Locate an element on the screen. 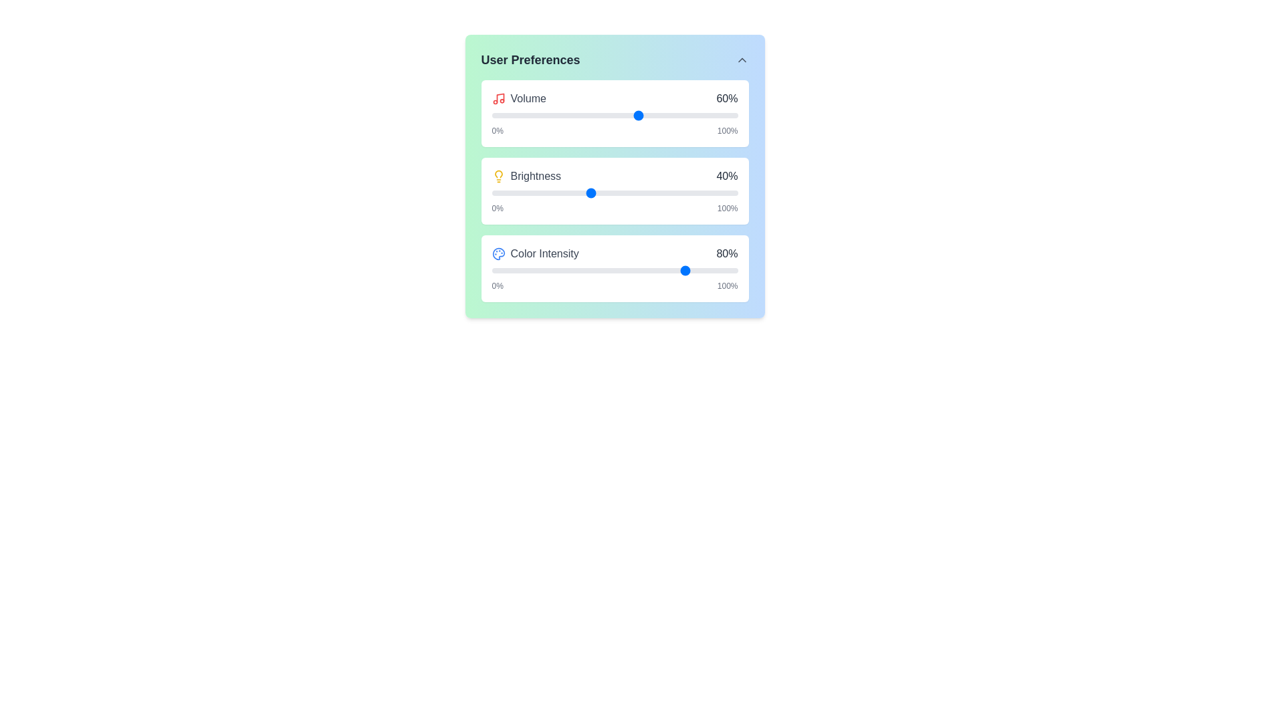 This screenshot has width=1284, height=722. the volume is located at coordinates (631, 115).